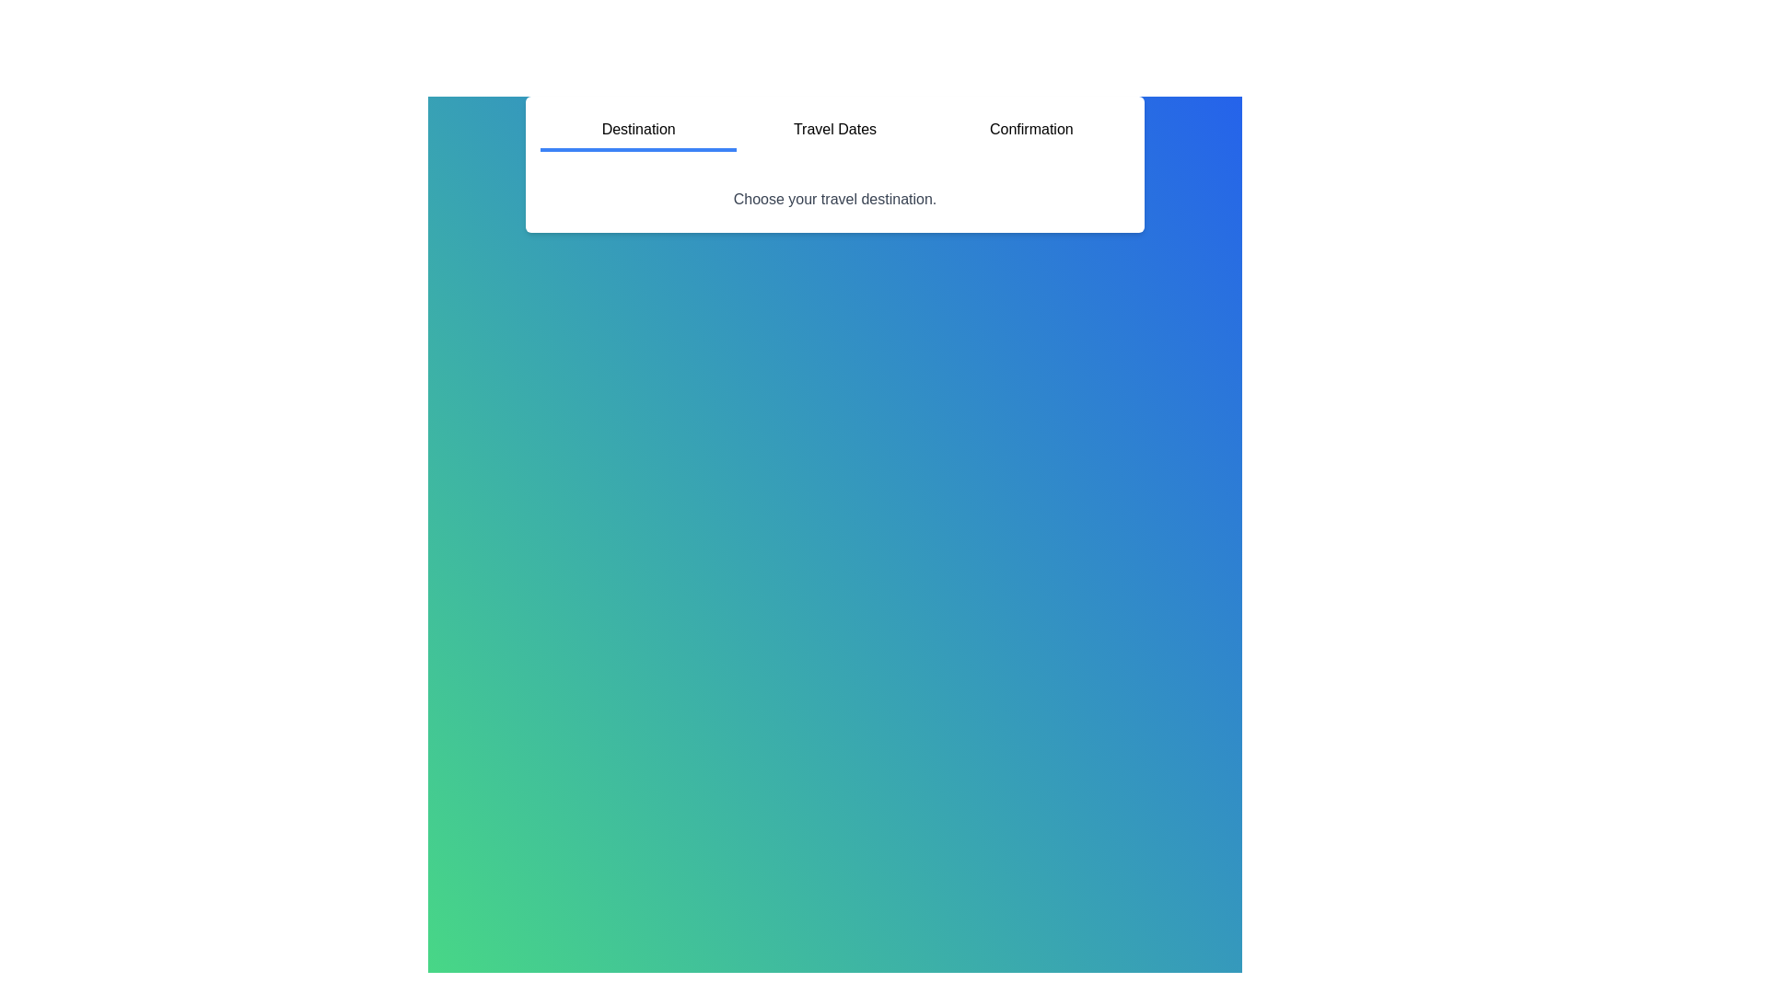 This screenshot has width=1768, height=994. What do you see at coordinates (834, 130) in the screenshot?
I see `the navigation label indicating 'Travel Dates' located in the horizontal navigation bar at the top center of the interface` at bounding box center [834, 130].